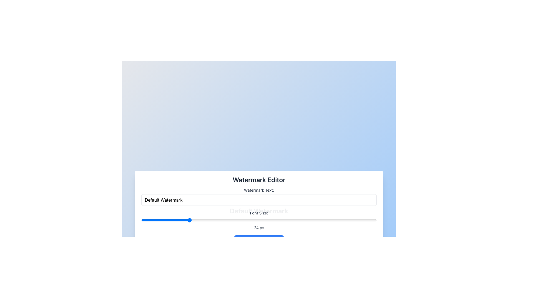 This screenshot has height=300, width=533. I want to click on font size, so click(182, 220).